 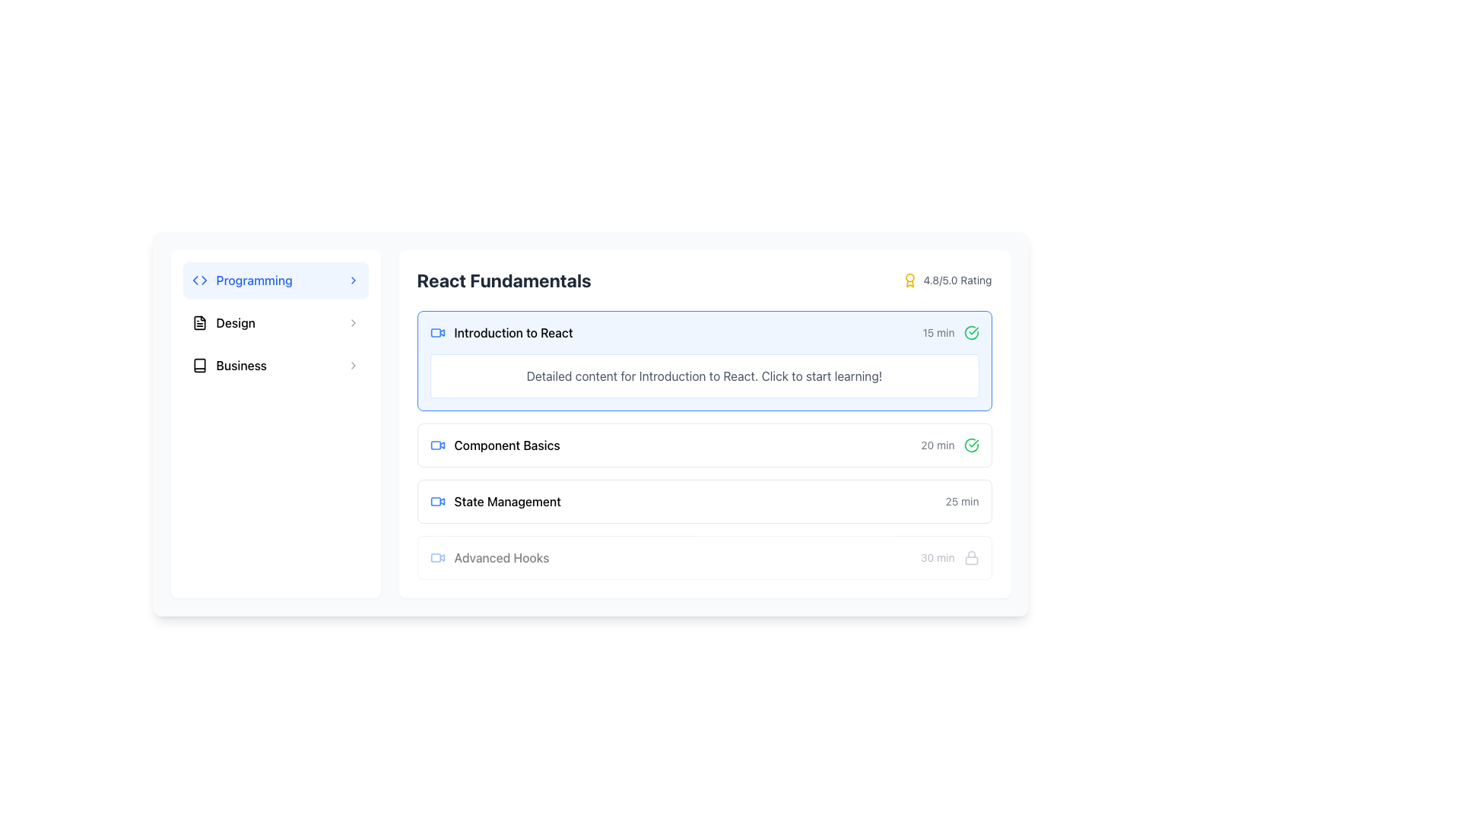 What do you see at coordinates (703, 501) in the screenshot?
I see `the clickable card for the video lesson titled 'State Management' located in the 'React Fundamentals' section` at bounding box center [703, 501].